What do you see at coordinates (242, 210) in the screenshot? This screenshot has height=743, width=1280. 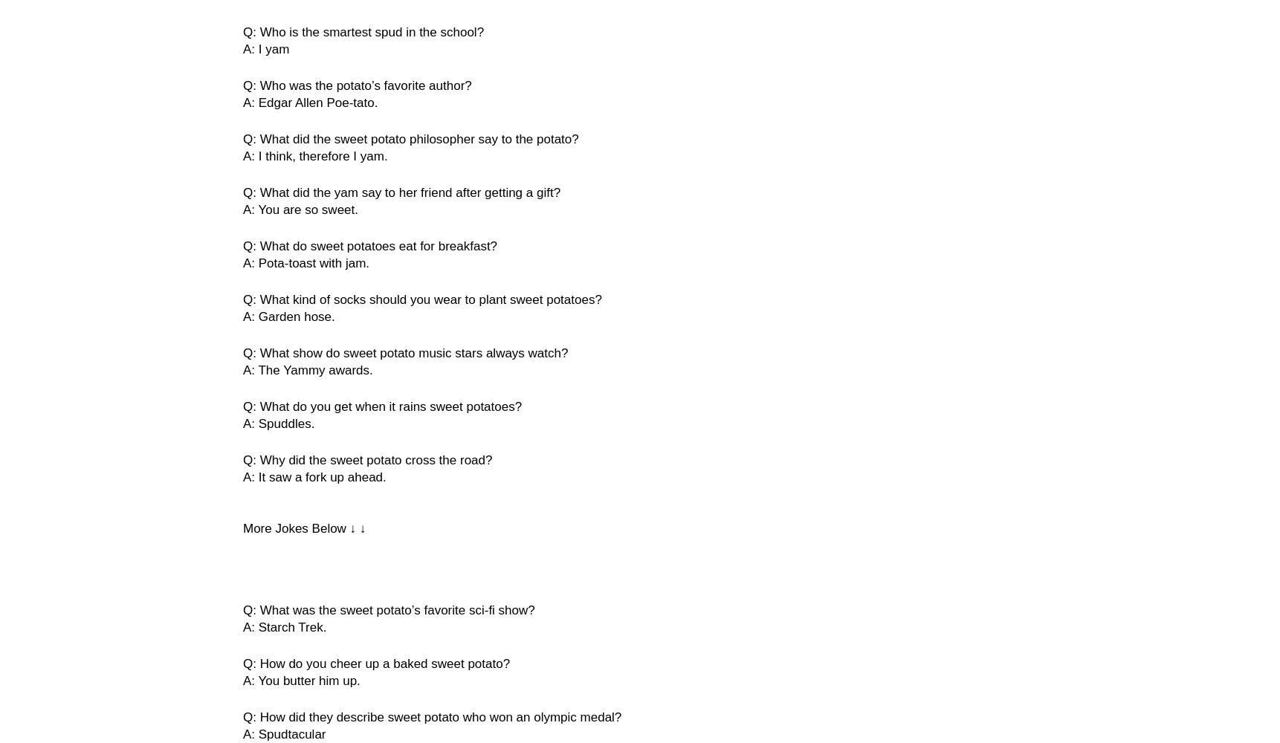 I see `'A: You are so sweet.'` at bounding box center [242, 210].